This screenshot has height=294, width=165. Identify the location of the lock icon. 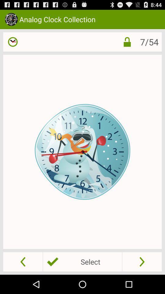
(127, 44).